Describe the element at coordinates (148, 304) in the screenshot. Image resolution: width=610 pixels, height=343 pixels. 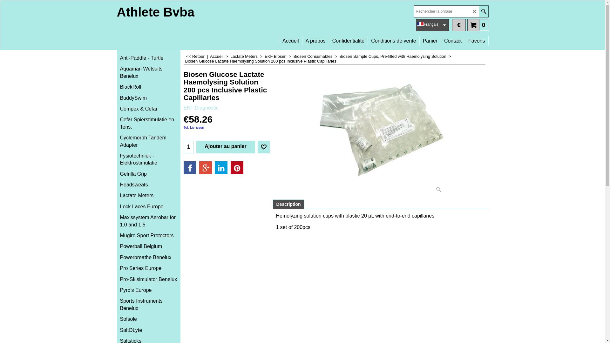
I see `'Sports Instruments Benelux'` at that location.